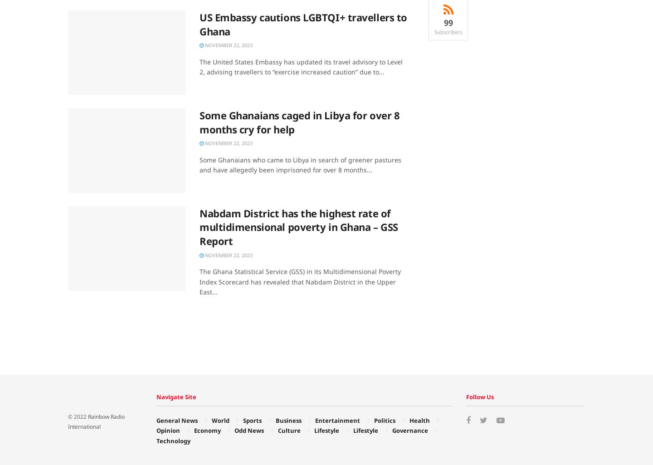 The height and width of the screenshot is (465, 653). I want to click on 'Subscribers', so click(448, 31).